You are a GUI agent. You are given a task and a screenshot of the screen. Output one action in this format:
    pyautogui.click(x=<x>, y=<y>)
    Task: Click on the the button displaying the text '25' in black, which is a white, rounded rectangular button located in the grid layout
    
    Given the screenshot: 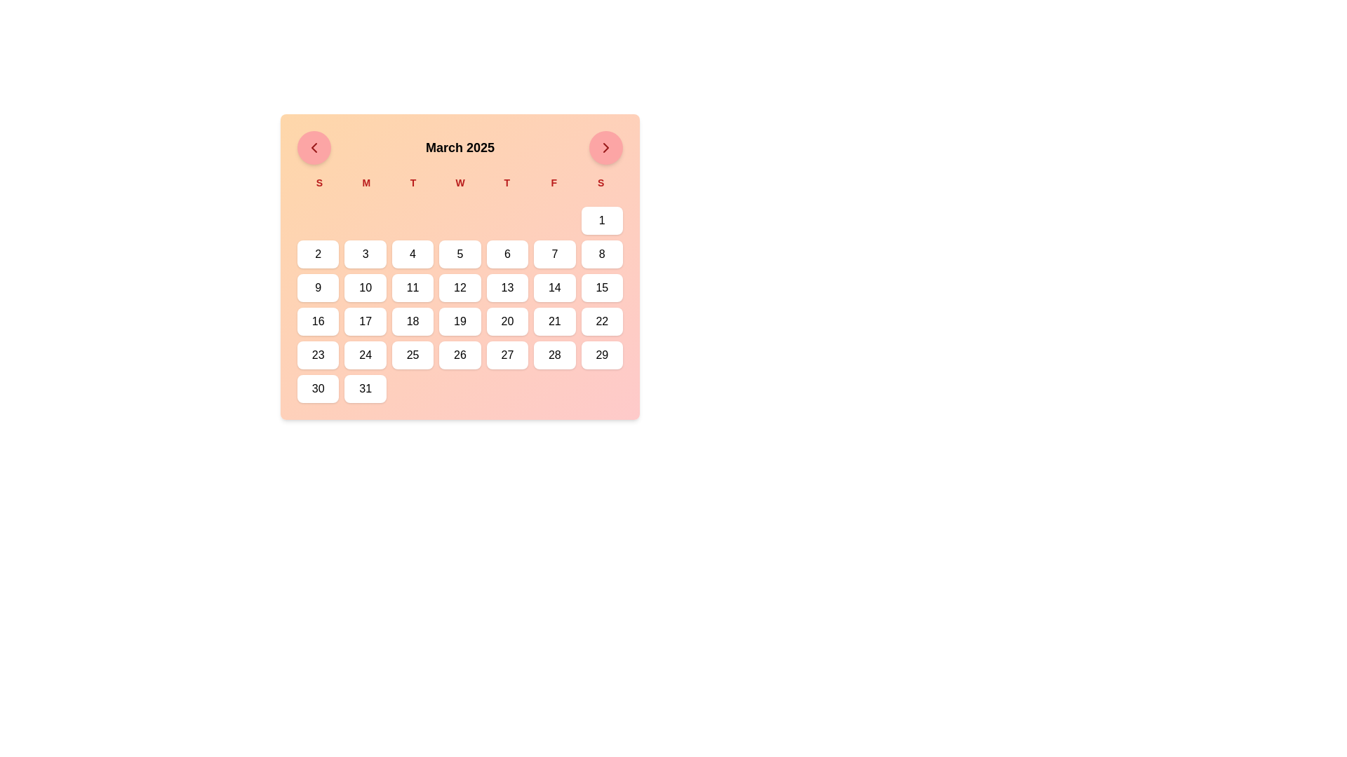 What is the action you would take?
    pyautogui.click(x=412, y=354)
    